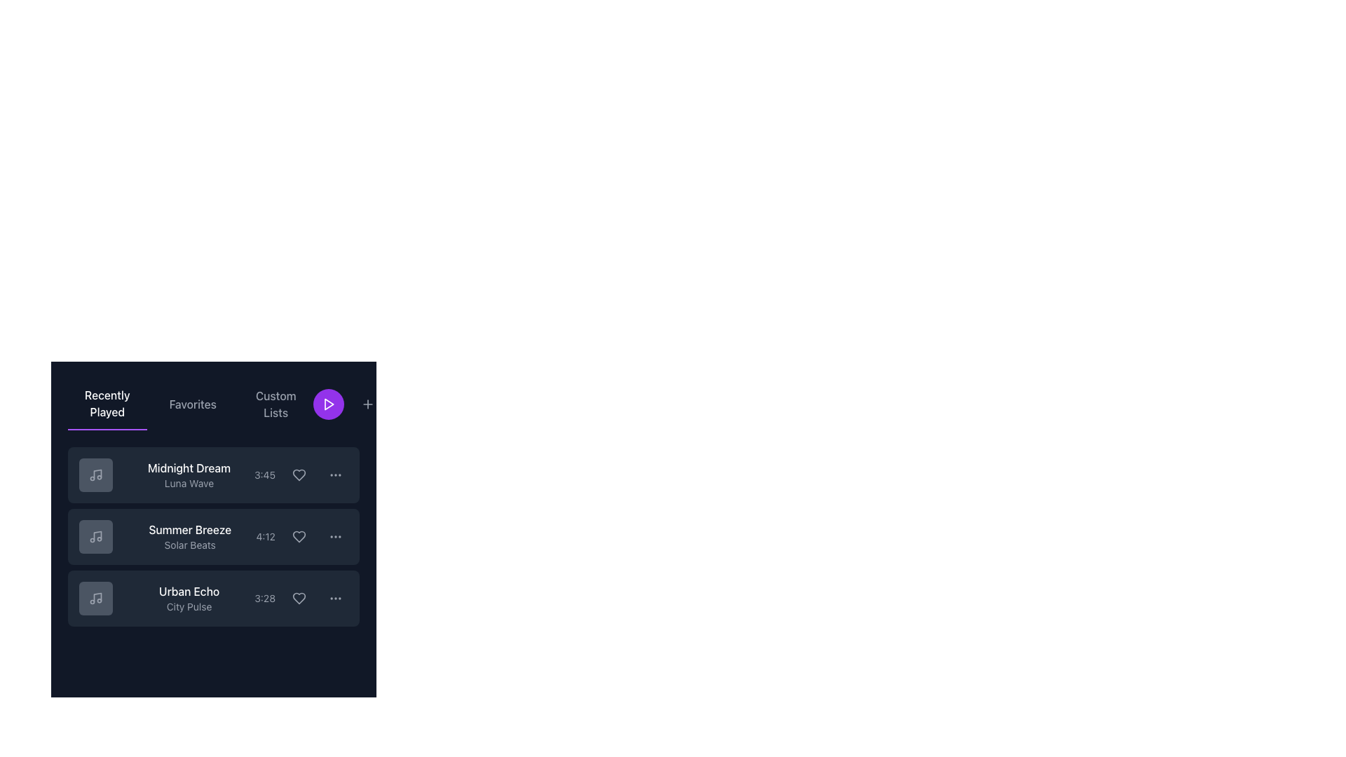 The height and width of the screenshot is (757, 1346). What do you see at coordinates (95, 598) in the screenshot?
I see `the media icon representing 'Urban Echo'` at bounding box center [95, 598].